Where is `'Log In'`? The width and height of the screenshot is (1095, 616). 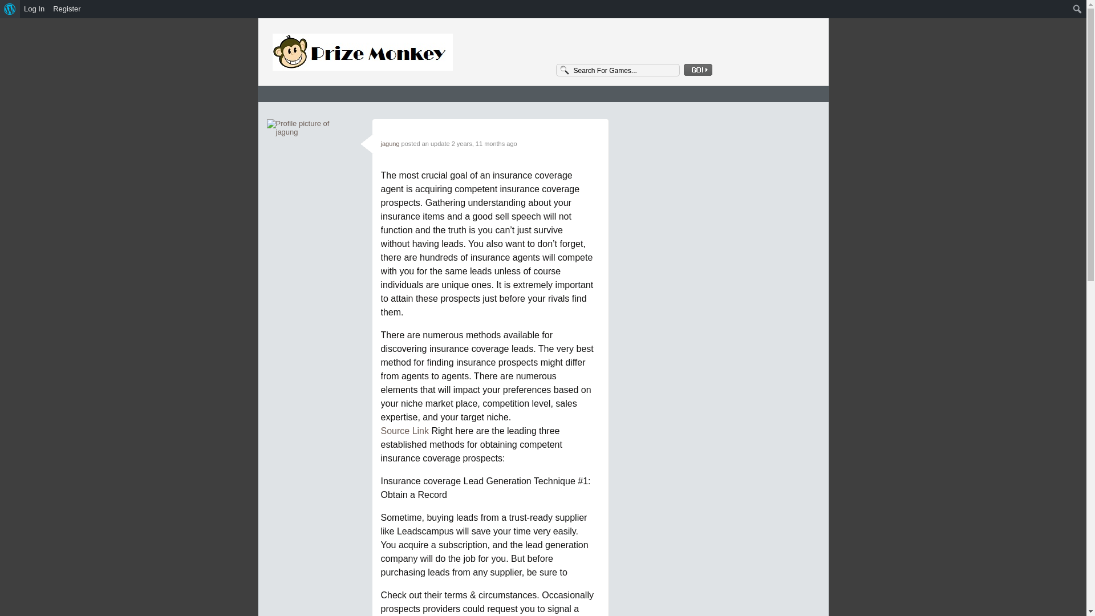 'Log In' is located at coordinates (34, 9).